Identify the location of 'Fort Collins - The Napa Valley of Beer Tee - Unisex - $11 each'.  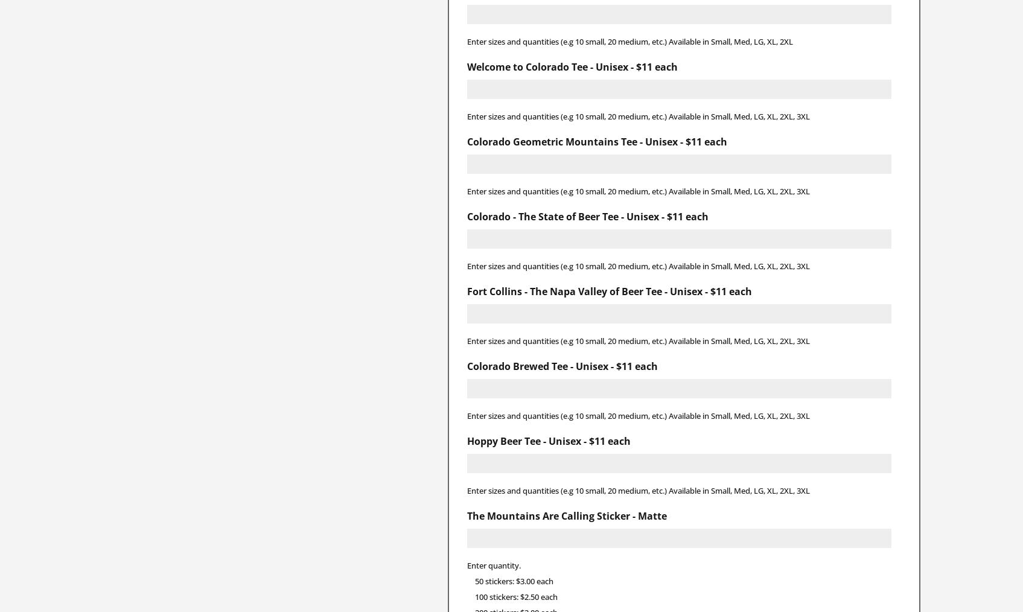
(608, 290).